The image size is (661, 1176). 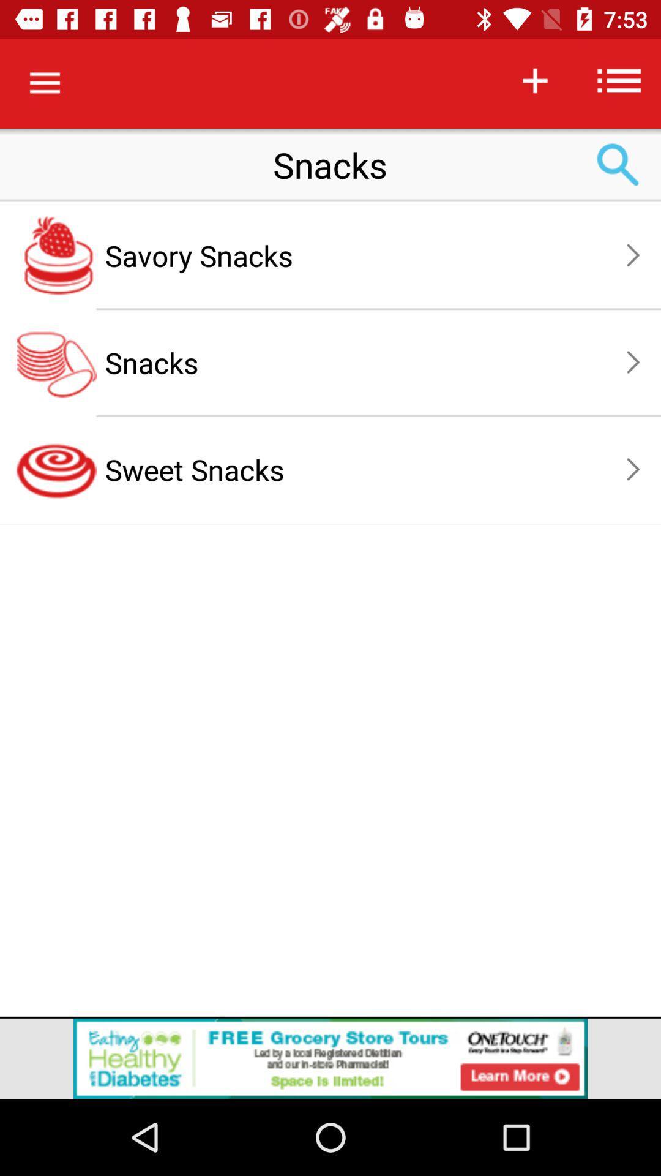 What do you see at coordinates (330, 1058) in the screenshot?
I see `the add` at bounding box center [330, 1058].